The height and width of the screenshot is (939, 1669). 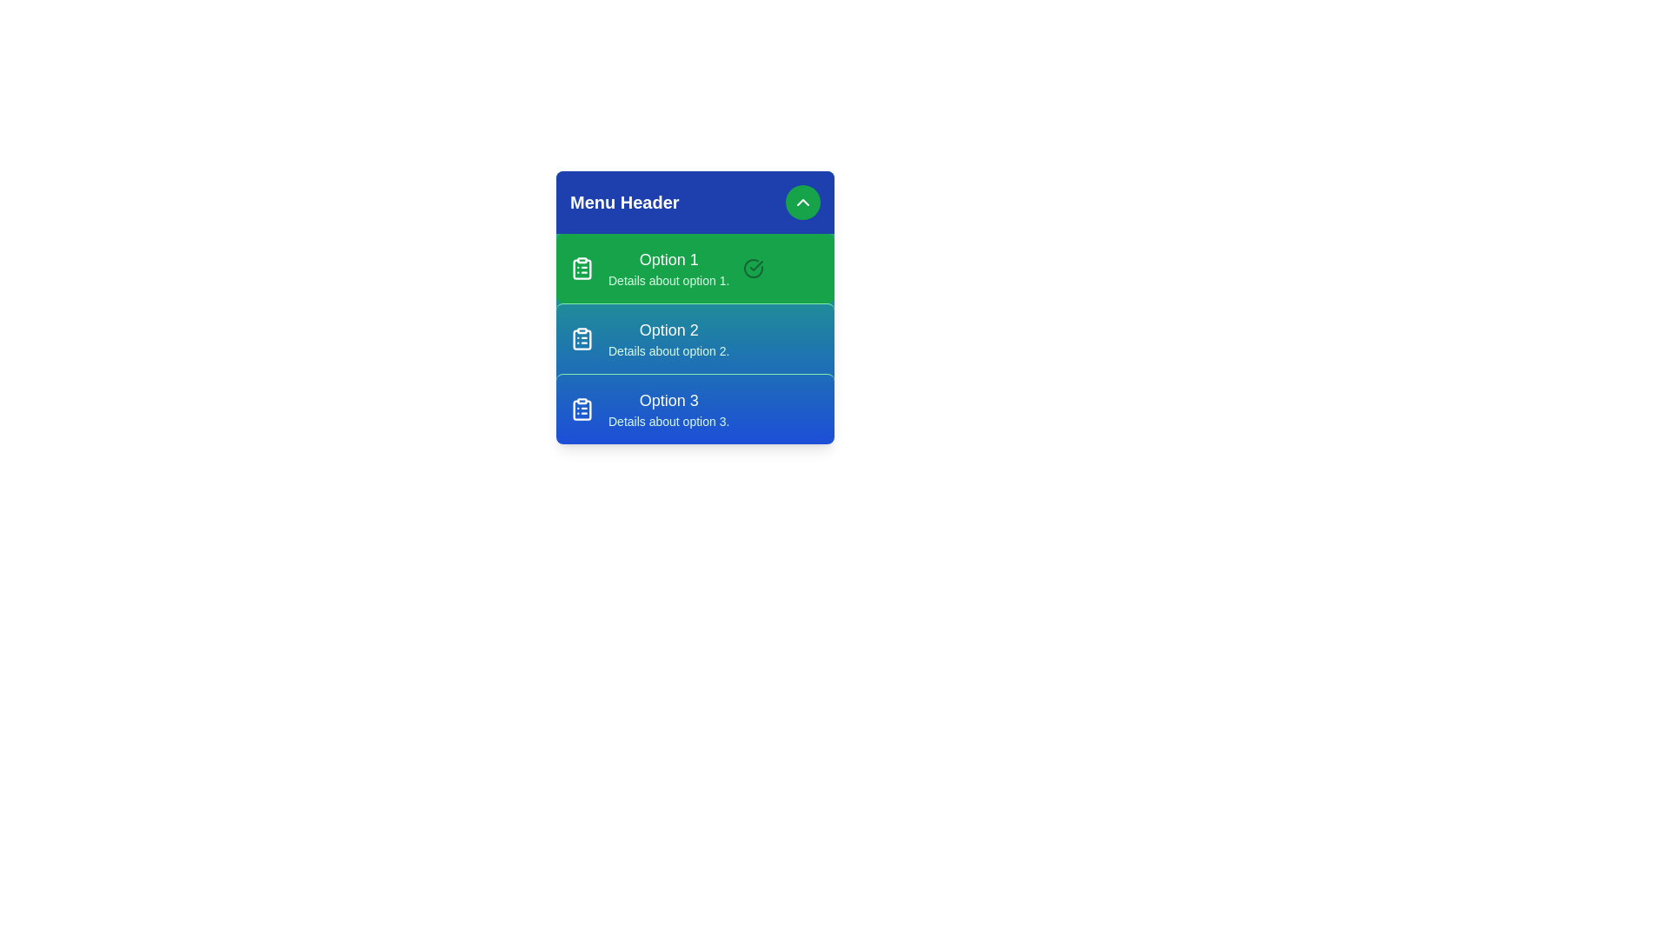 What do you see at coordinates (695, 338) in the screenshot?
I see `the menu option Option 2 to reveal its description` at bounding box center [695, 338].